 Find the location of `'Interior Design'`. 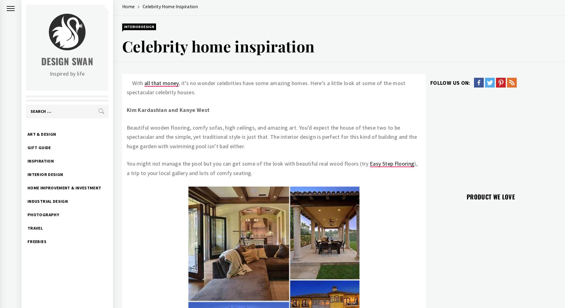

'Interior Design' is located at coordinates (139, 26).